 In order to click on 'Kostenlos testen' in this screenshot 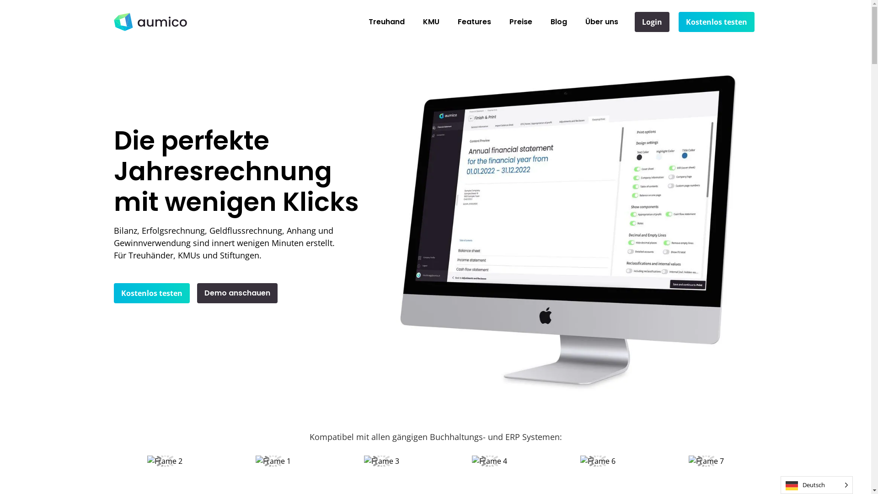, I will do `click(716, 21)`.